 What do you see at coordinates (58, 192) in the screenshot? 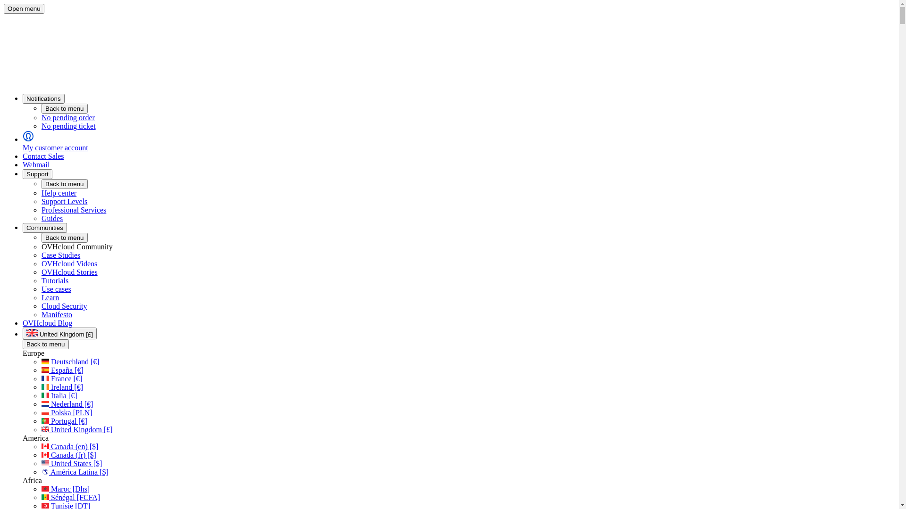
I see `'Help center'` at bounding box center [58, 192].